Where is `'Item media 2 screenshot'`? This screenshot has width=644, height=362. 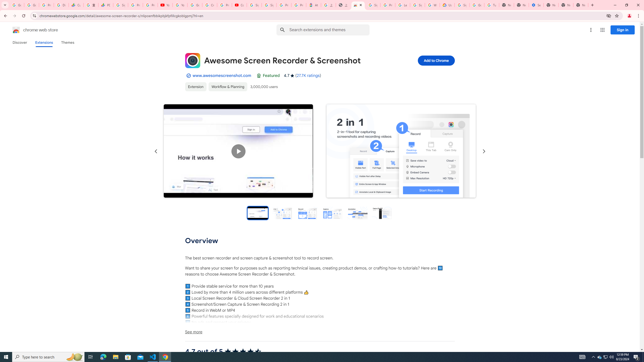
'Item media 2 screenshot' is located at coordinates (401, 151).